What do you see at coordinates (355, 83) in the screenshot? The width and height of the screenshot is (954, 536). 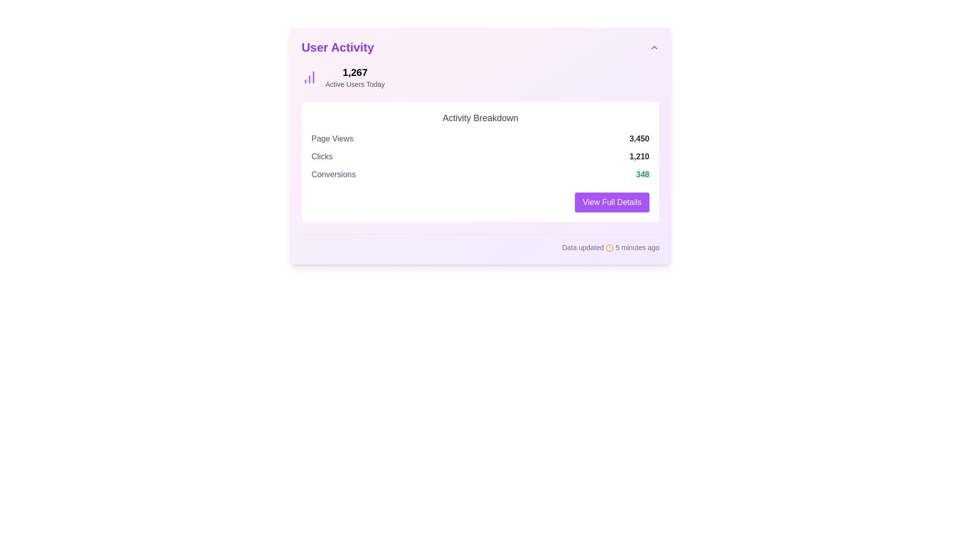 I see `the text label that describes the active users recorded for the current day, located directly below the number '1,267'` at bounding box center [355, 83].